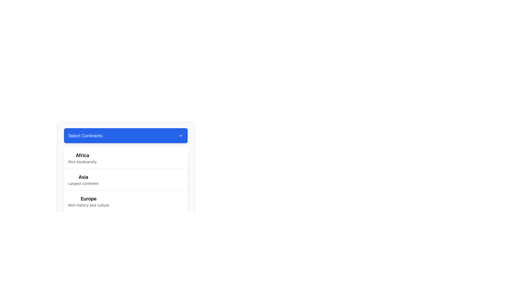  Describe the element at coordinates (126, 201) in the screenshot. I see `to select the List Item element displaying the title 'Europe' with a subtitle 'Rich history and culture'` at that location.